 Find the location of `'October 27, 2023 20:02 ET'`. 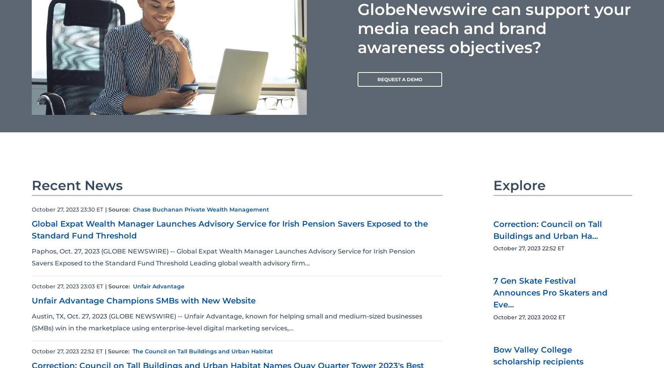

'October 27, 2023 20:02 ET' is located at coordinates (529, 316).